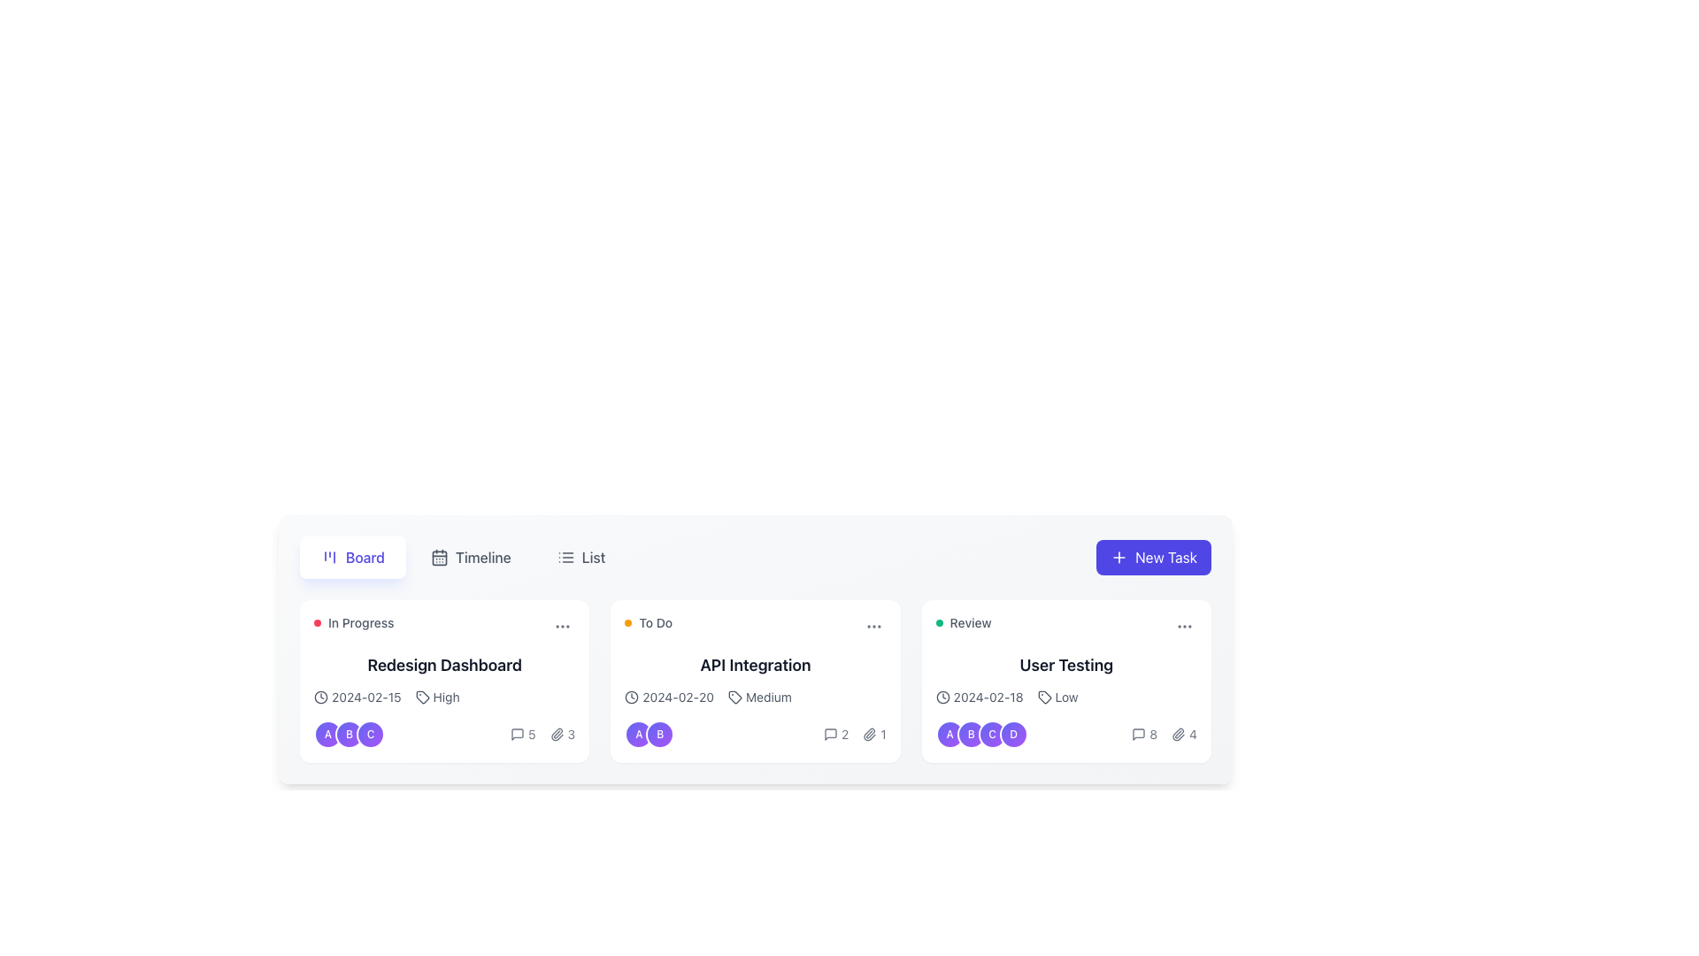 This screenshot has height=956, width=1699. Describe the element at coordinates (1165, 734) in the screenshot. I see `the icons in the Text and Icon Group located in the bottom-right area of the 'User Testing' UI card to interact with associated actions like viewing attachments` at that location.